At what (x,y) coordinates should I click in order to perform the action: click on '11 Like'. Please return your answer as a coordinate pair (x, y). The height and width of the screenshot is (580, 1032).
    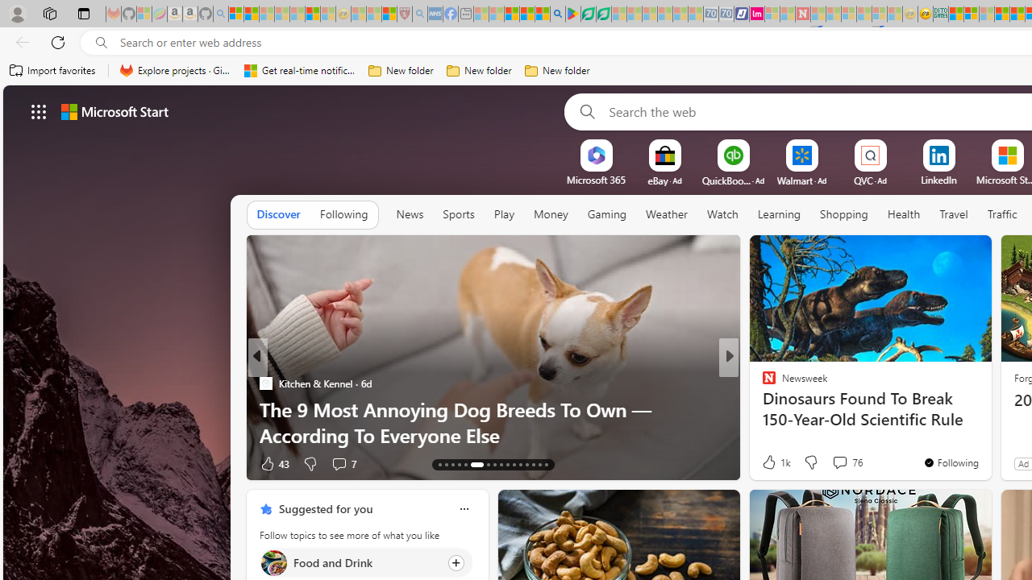
    Looking at the image, I should click on (770, 463).